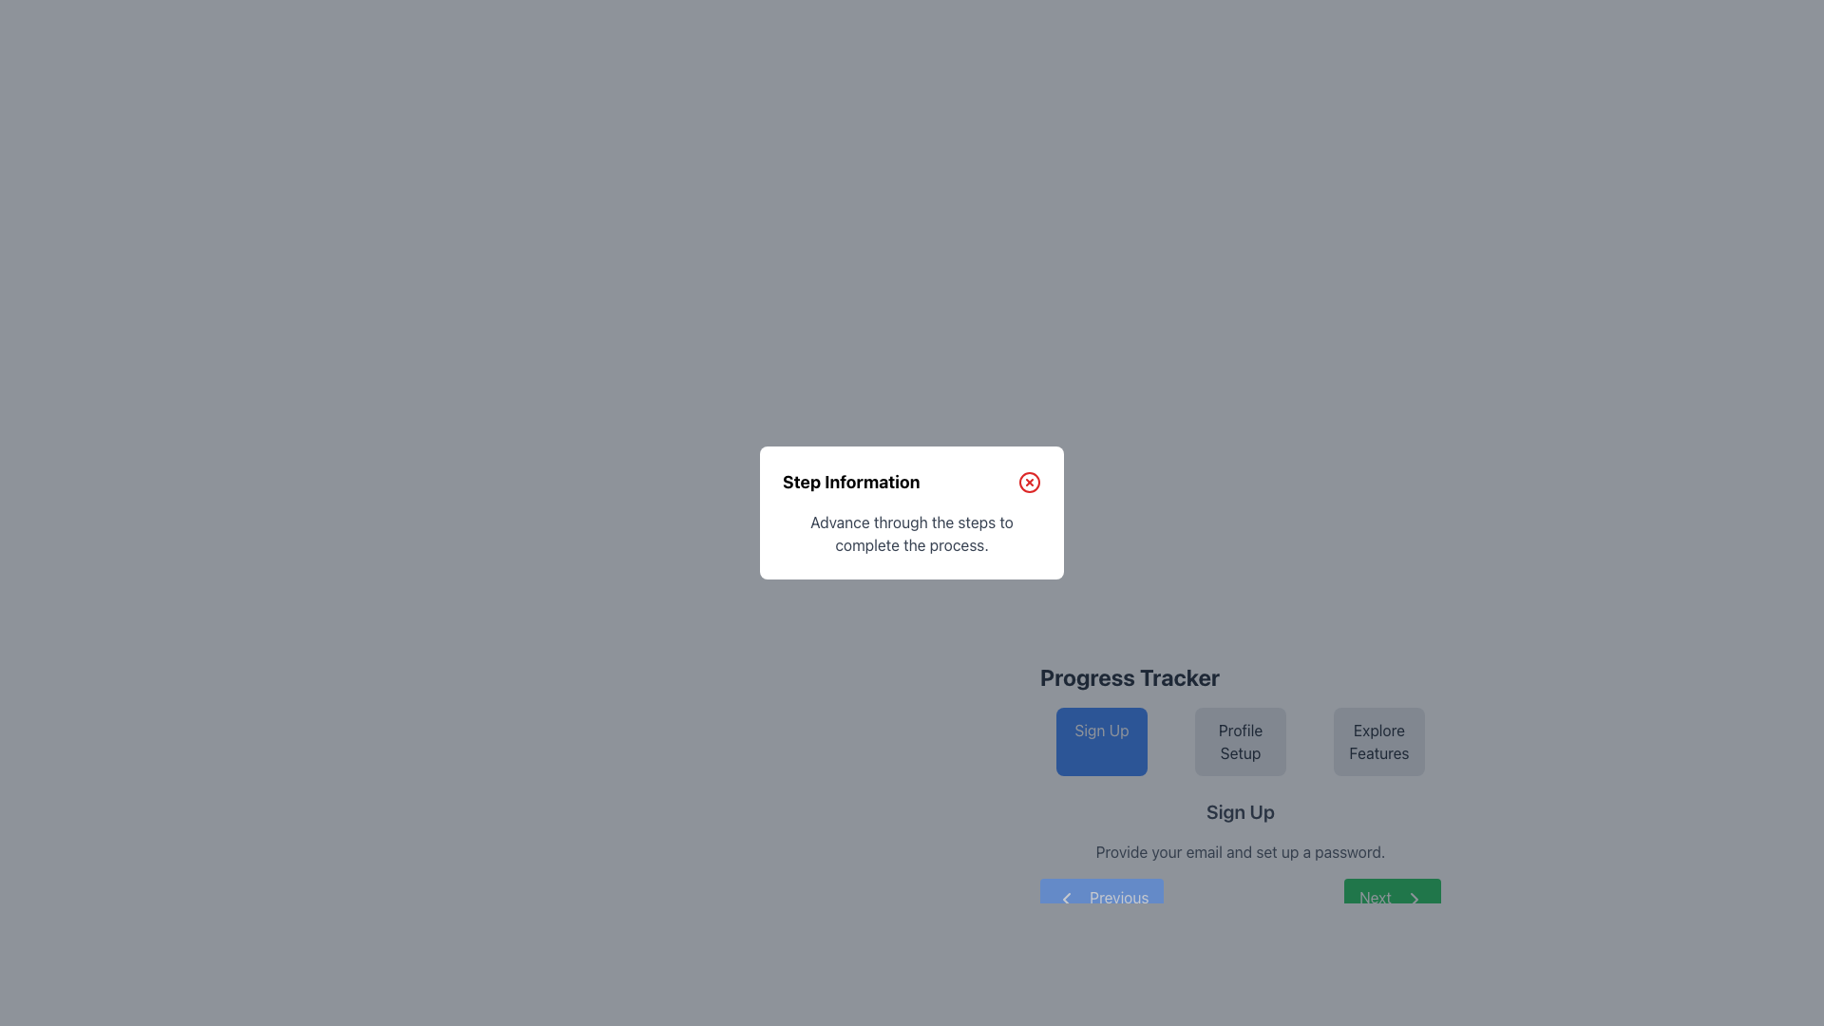 This screenshot has width=1824, height=1026. Describe the element at coordinates (1240, 740) in the screenshot. I see `the 'Profile Setup' button, which is a rectangular button with rounded corners and a light gray background, located in the 'Progress Tracker' section, centrally positioned between 'Sign Up' and 'Explore Features'` at that location.